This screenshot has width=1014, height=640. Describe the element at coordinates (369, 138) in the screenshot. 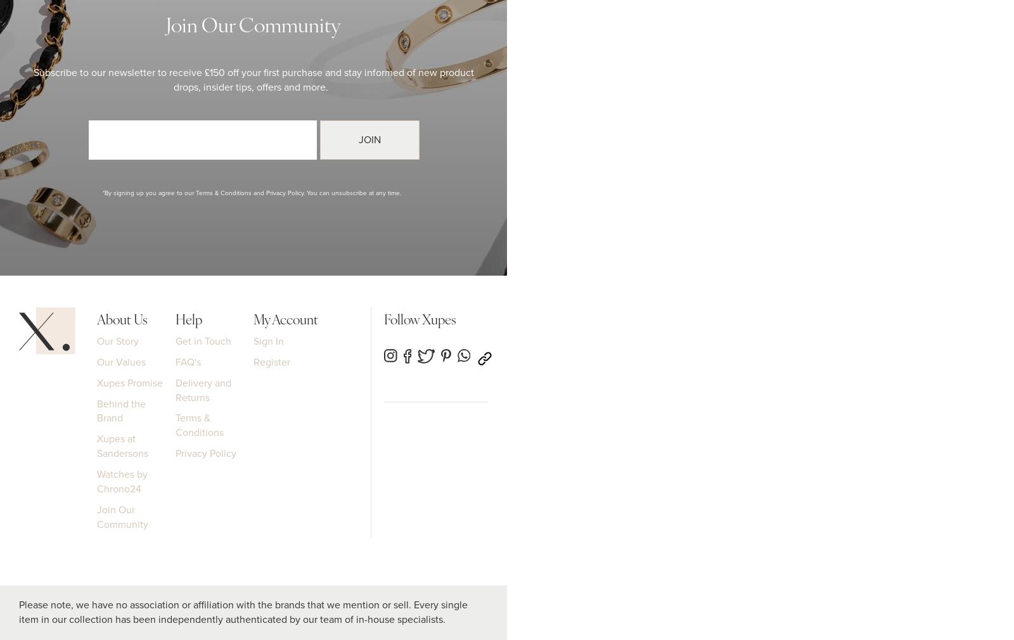

I see `'JOIN'` at that location.